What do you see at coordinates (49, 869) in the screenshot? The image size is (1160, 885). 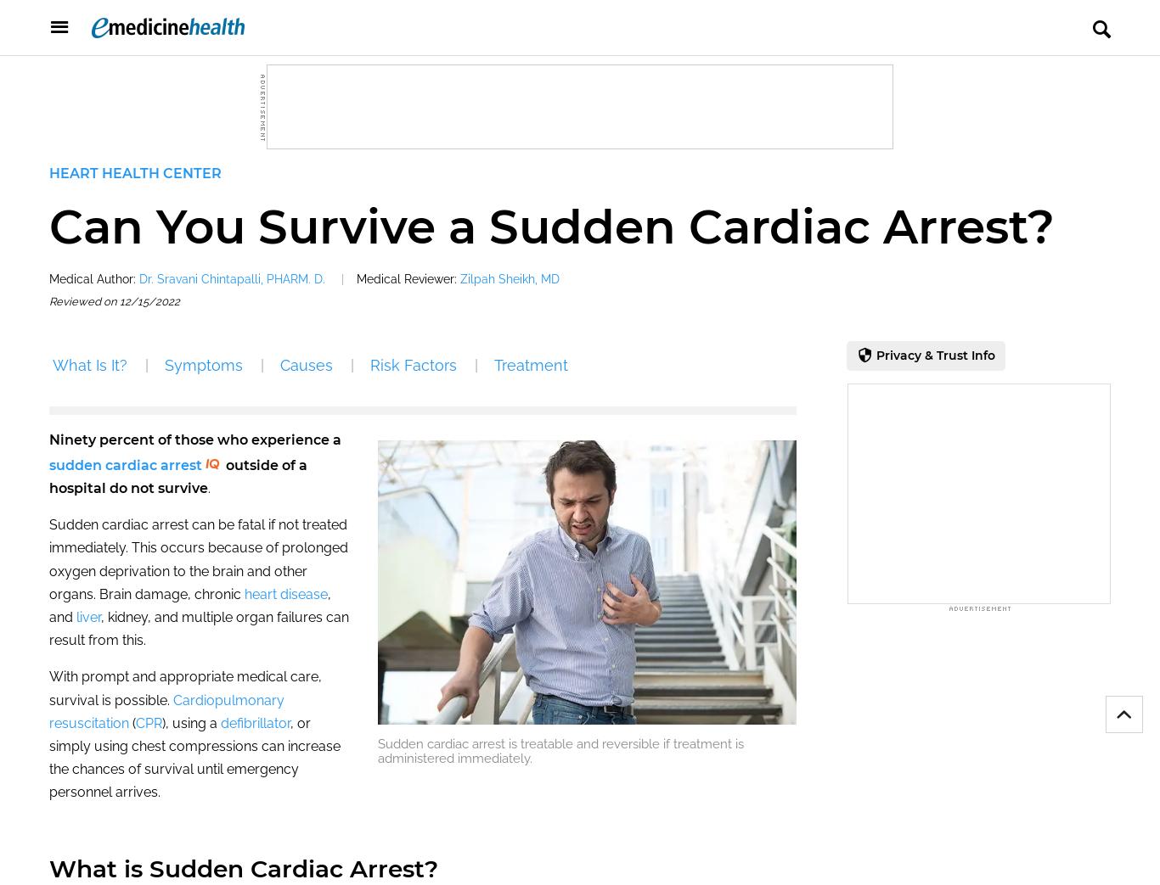 I see `'What is Sudden Cardiac Arrest?'` at bounding box center [49, 869].